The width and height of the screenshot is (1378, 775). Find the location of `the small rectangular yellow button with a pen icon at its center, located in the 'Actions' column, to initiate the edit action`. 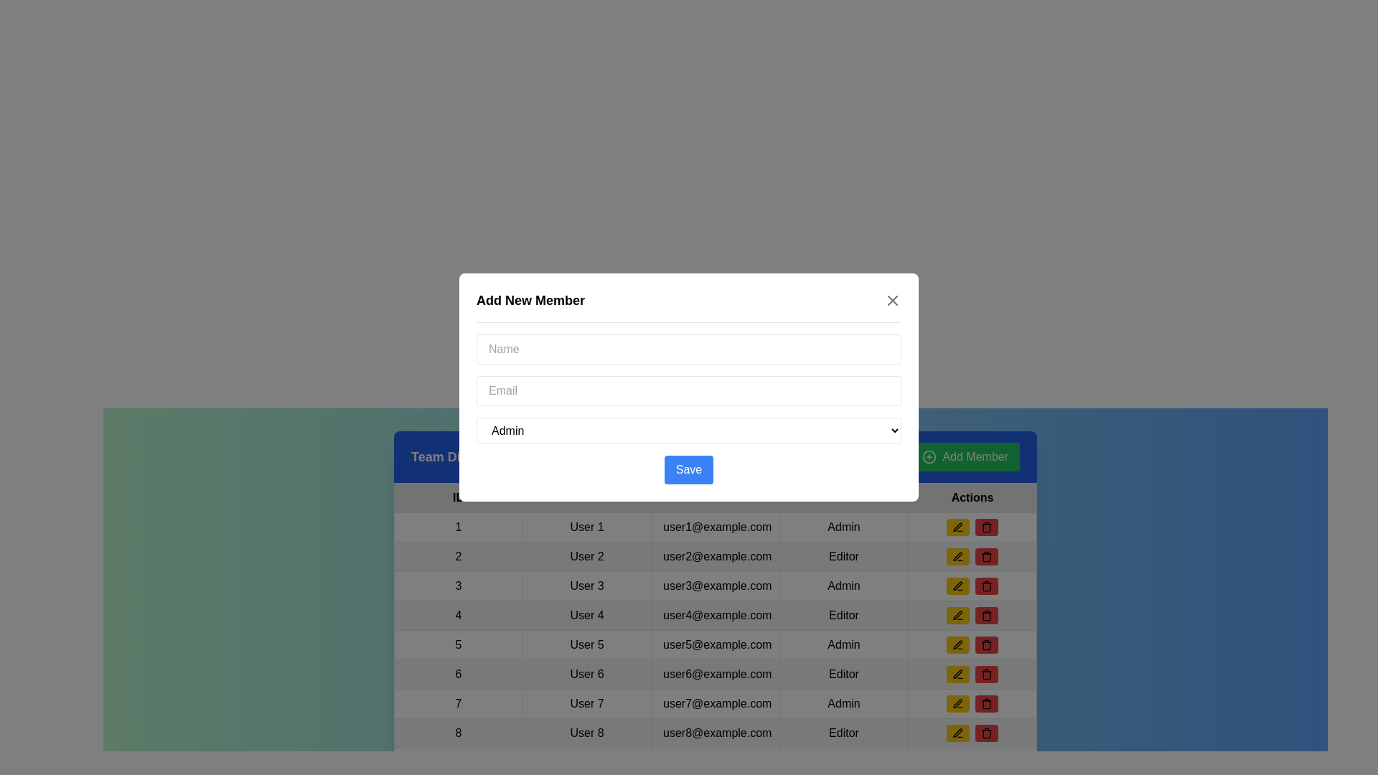

the small rectangular yellow button with a pen icon at its center, located in the 'Actions' column, to initiate the edit action is located at coordinates (957, 555).